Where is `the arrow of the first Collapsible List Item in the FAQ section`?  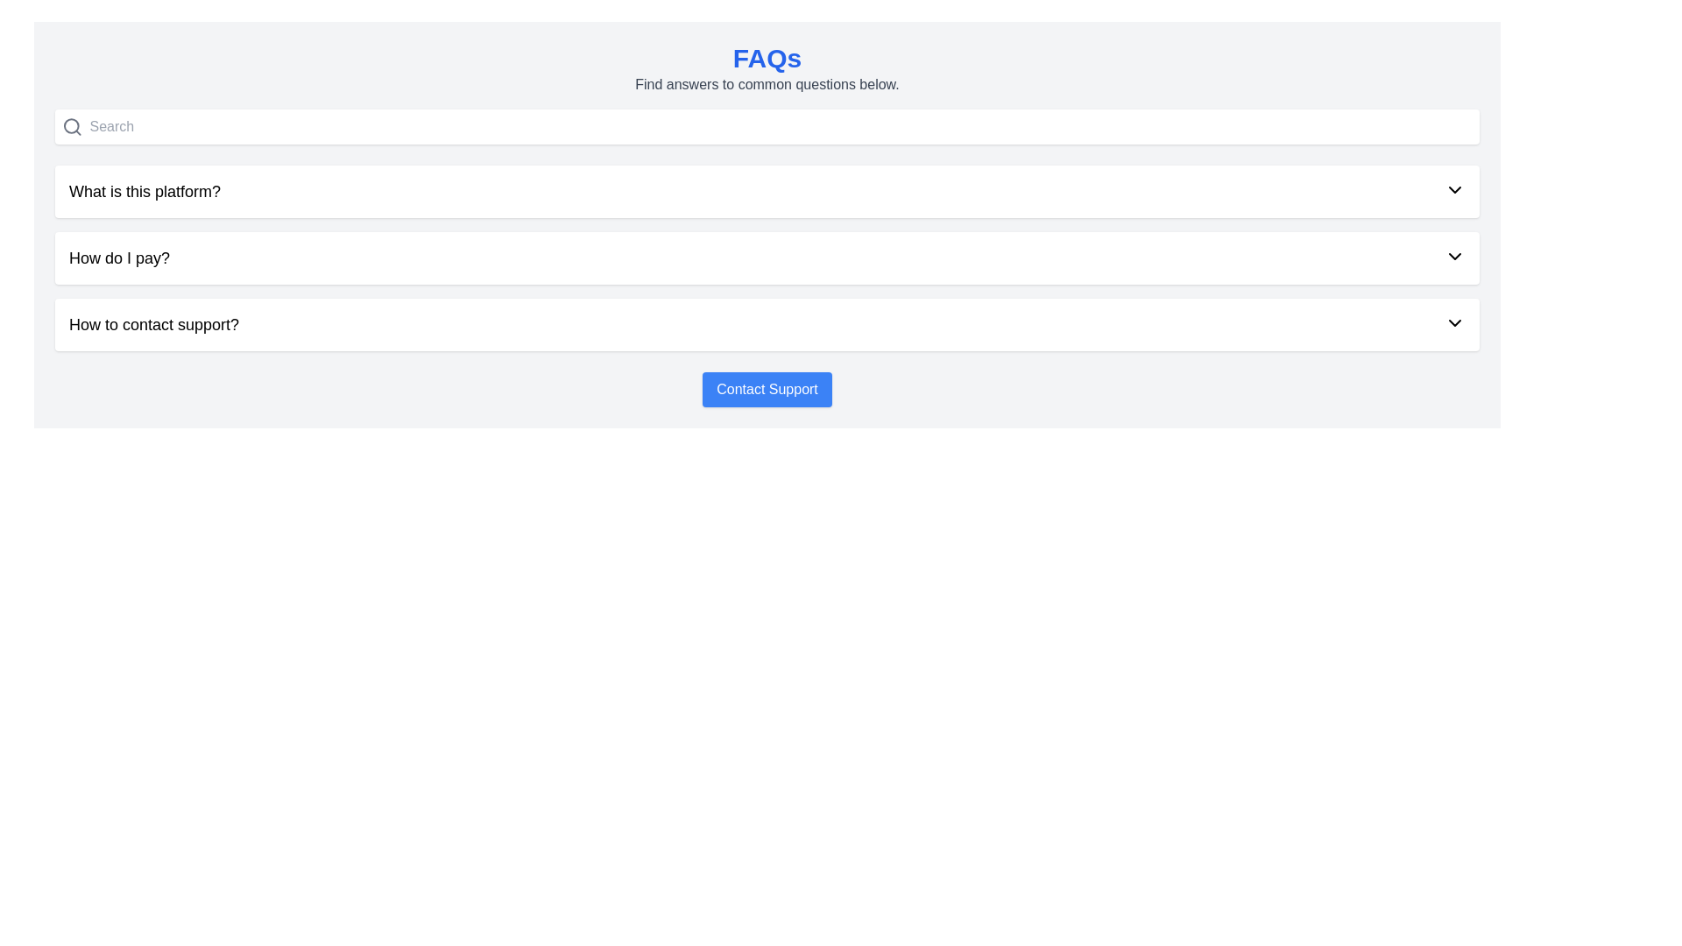
the arrow of the first Collapsible List Item in the FAQ section is located at coordinates (767, 192).